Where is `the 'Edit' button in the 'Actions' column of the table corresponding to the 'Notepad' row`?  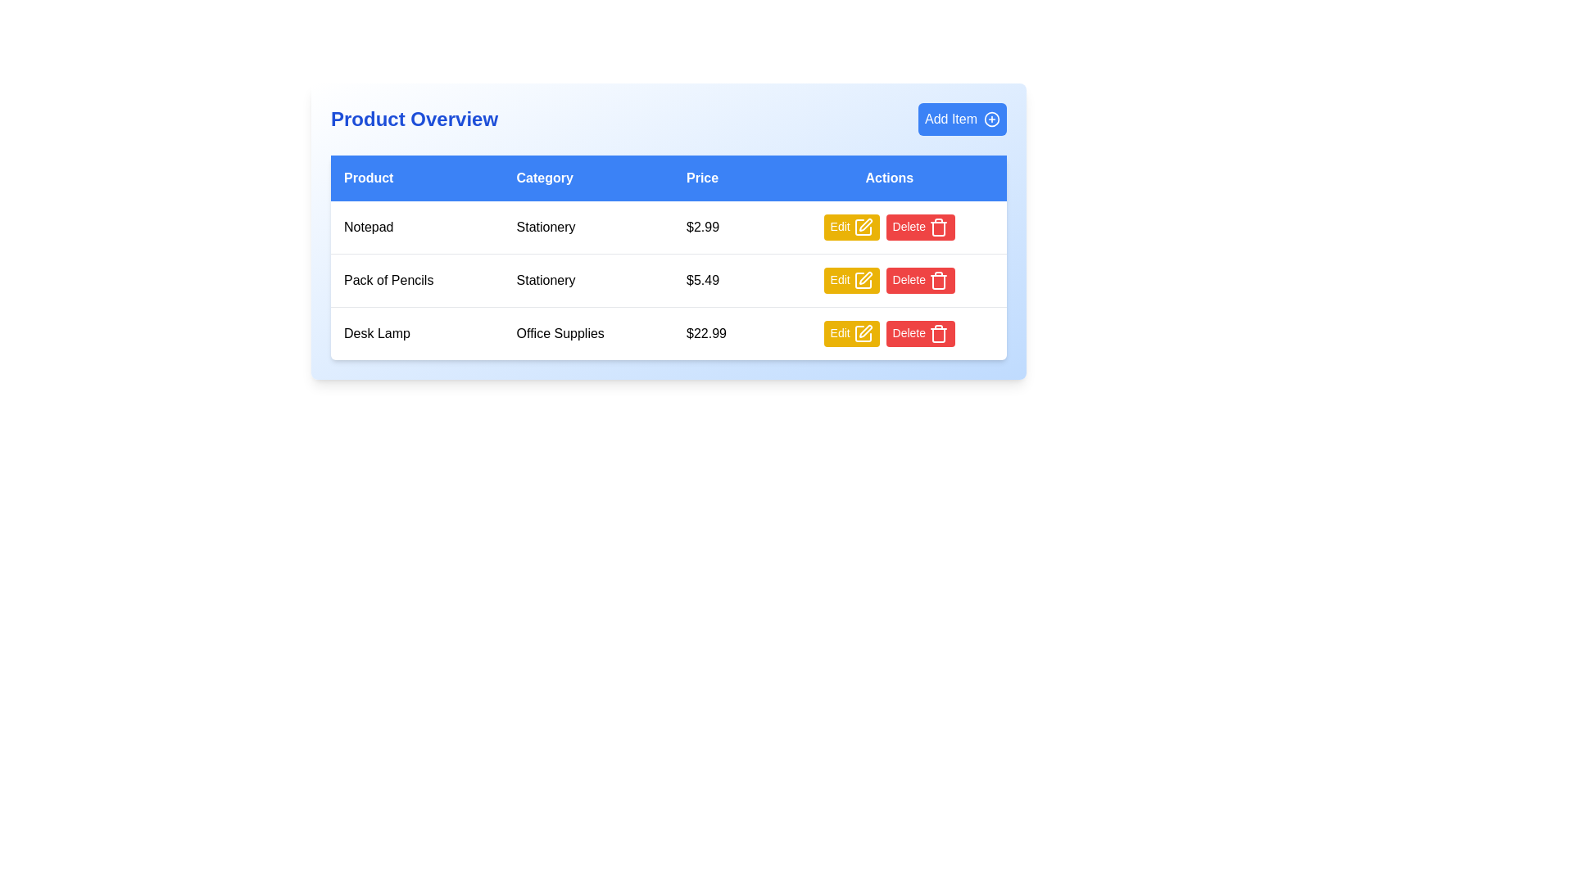
the 'Edit' button in the 'Actions' column of the table corresponding to the 'Notepad' row is located at coordinates (851, 227).